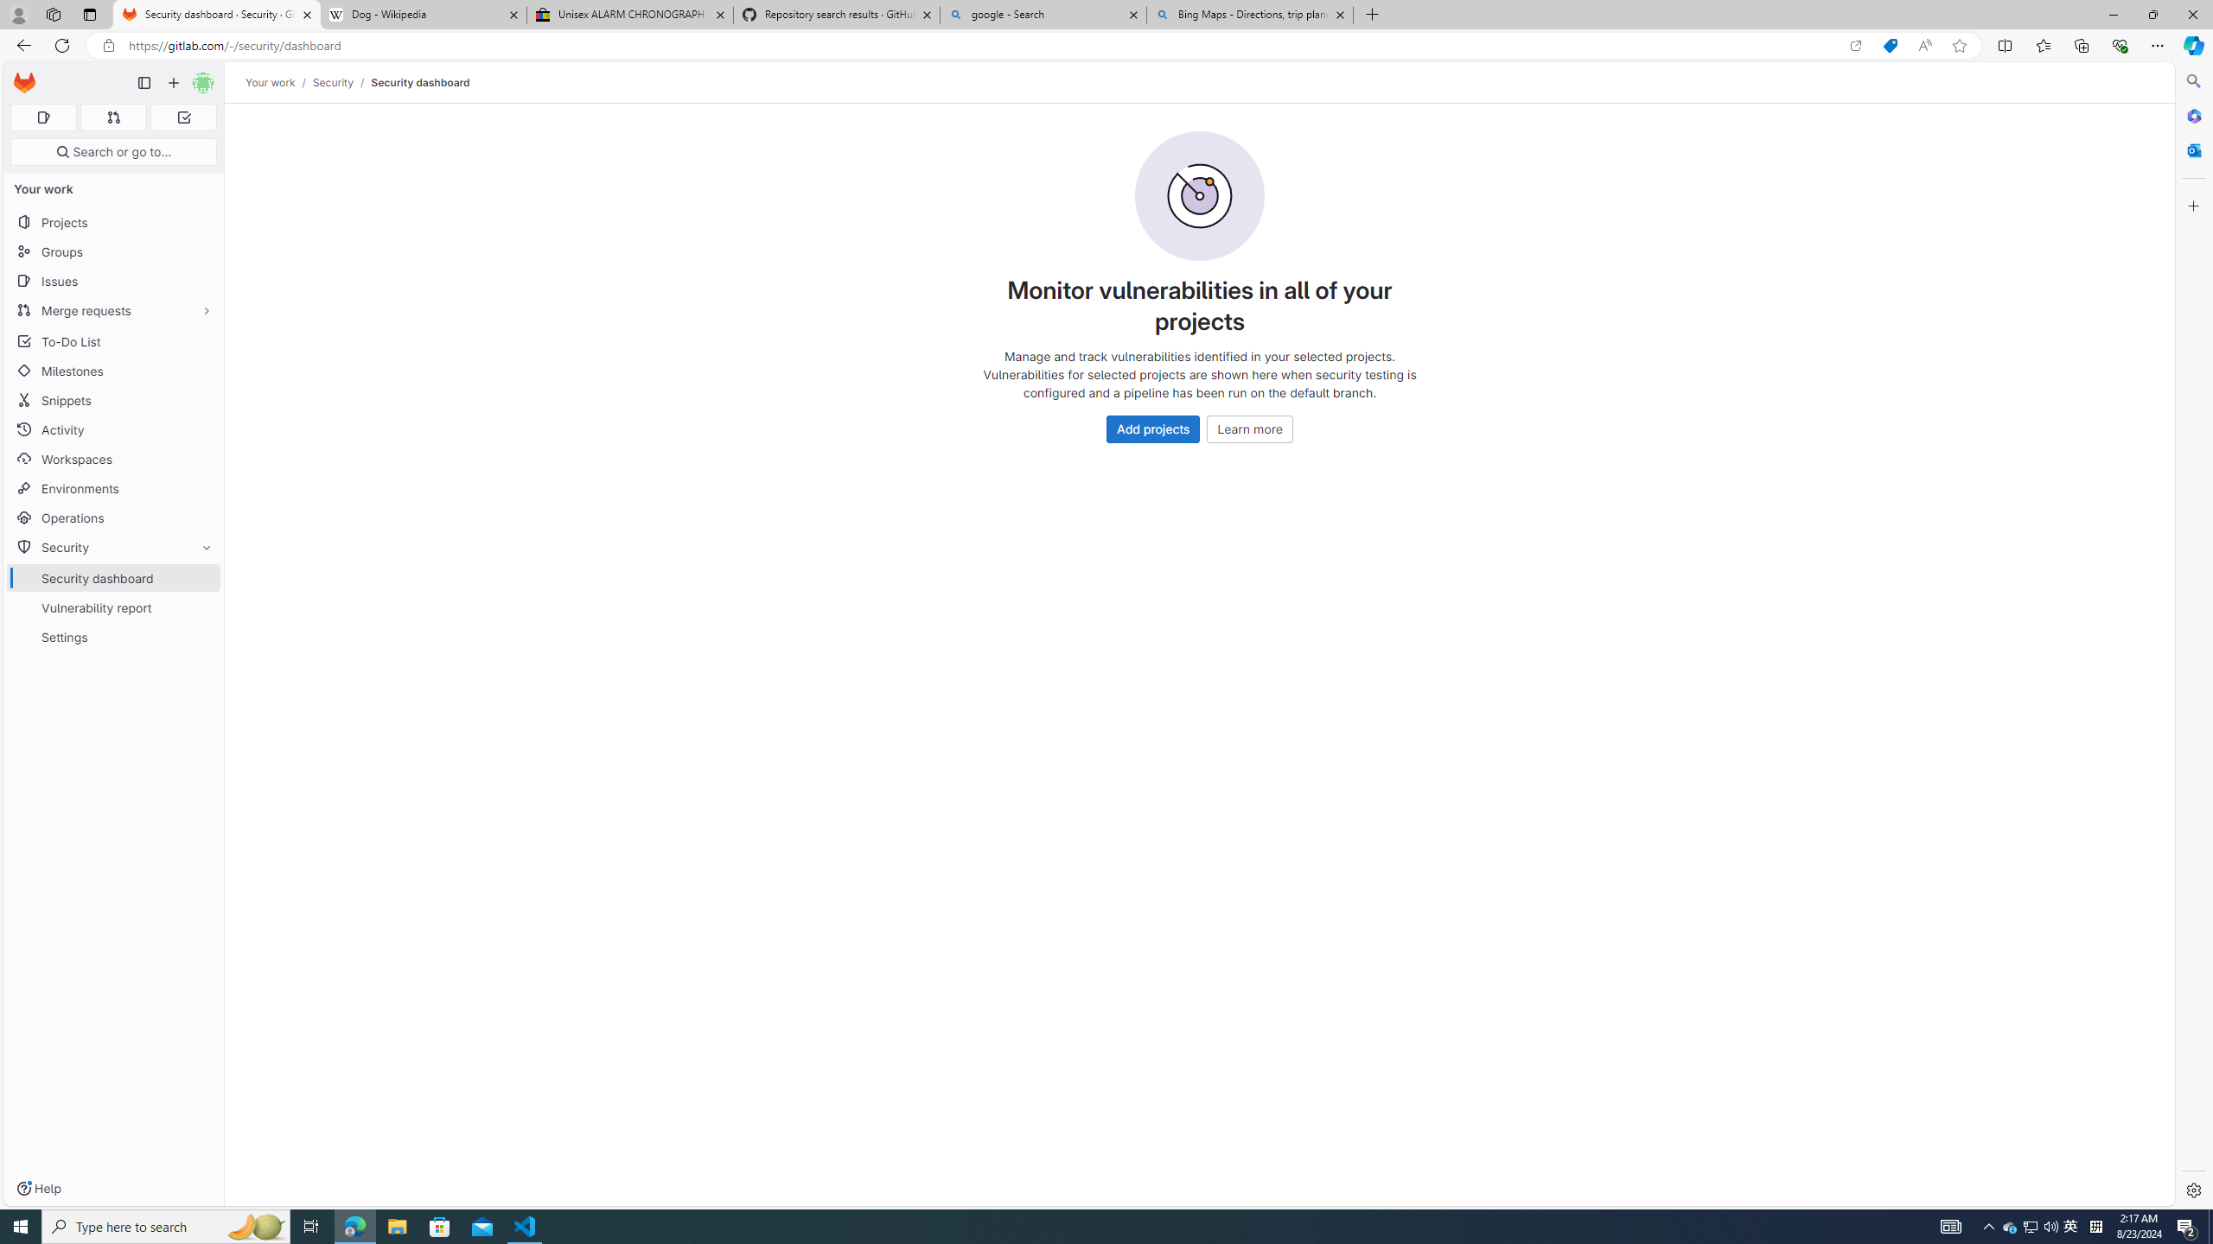  What do you see at coordinates (43, 117) in the screenshot?
I see `'Assigned issues 0'` at bounding box center [43, 117].